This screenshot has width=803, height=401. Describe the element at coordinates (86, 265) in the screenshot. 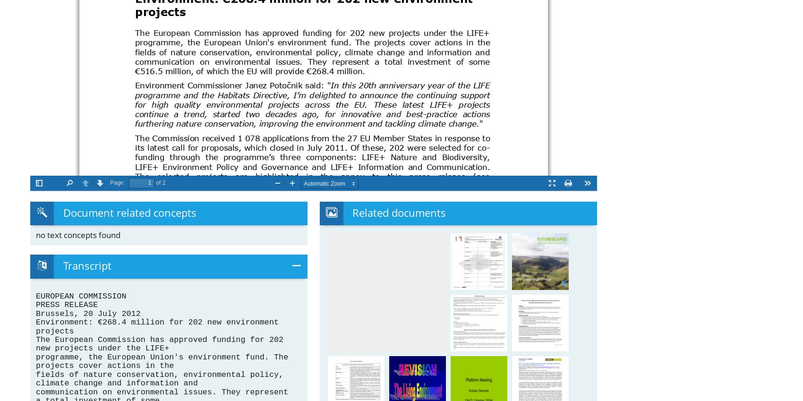

I see `'Transcript'` at that location.